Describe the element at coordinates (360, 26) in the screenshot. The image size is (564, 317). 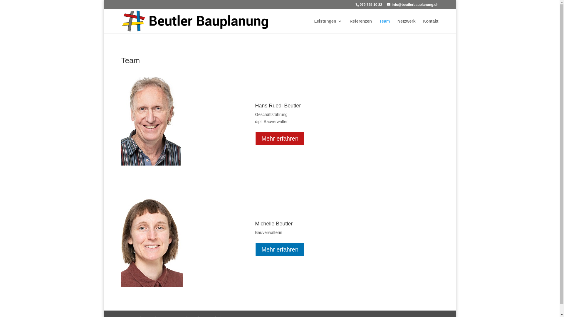
I see `'Referenzen'` at that location.